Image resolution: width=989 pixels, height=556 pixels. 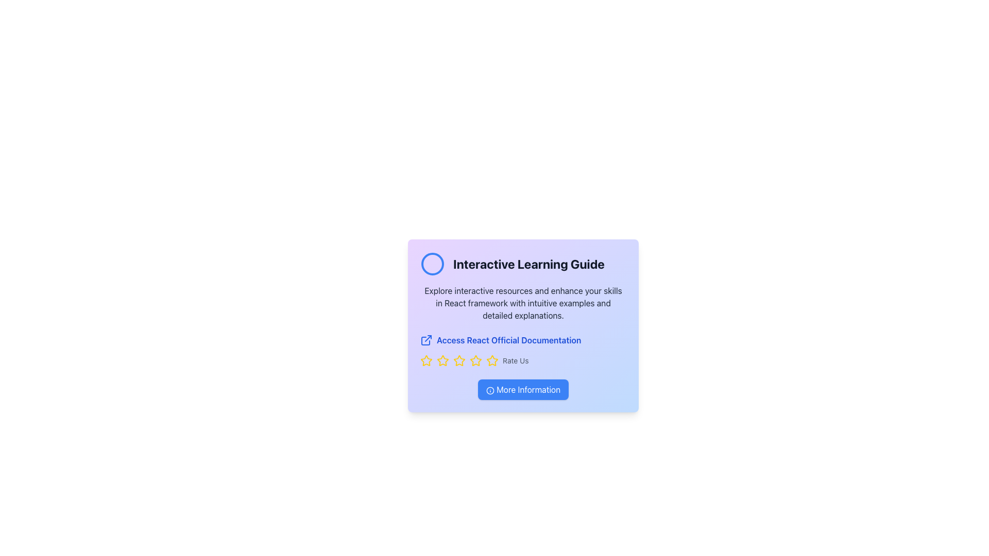 What do you see at coordinates (458, 359) in the screenshot?
I see `the third star icon` at bounding box center [458, 359].